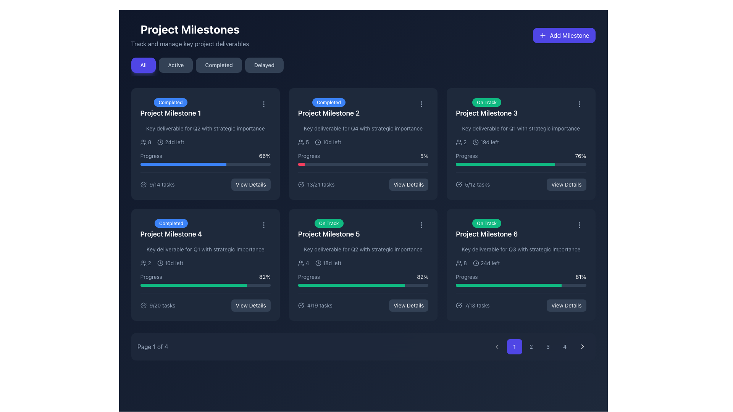 The height and width of the screenshot is (412, 733). I want to click on the rectangular button with a purple background and white text reading 'Add Milestone' to observe a visual change, so click(564, 35).